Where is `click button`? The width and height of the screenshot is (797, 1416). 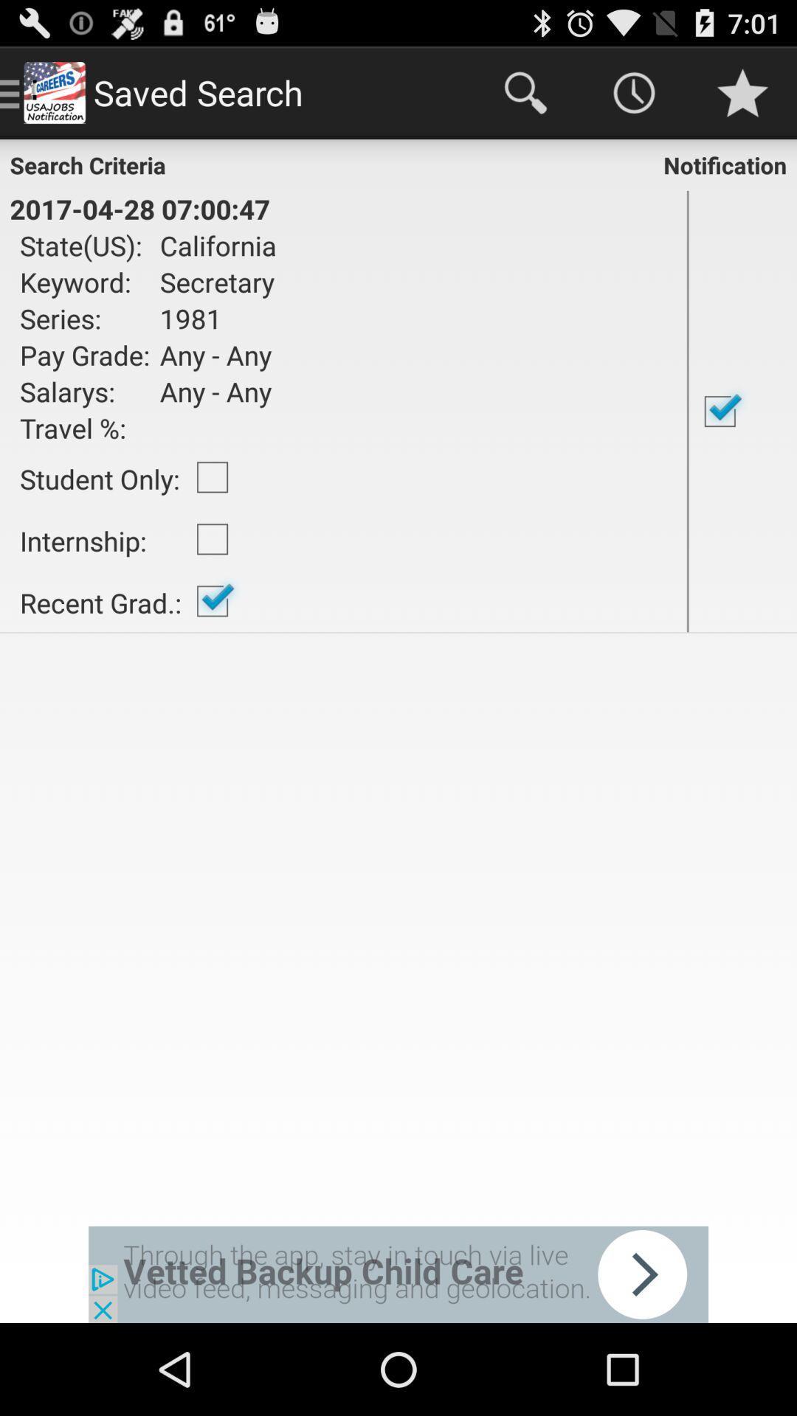 click button is located at coordinates (398, 1274).